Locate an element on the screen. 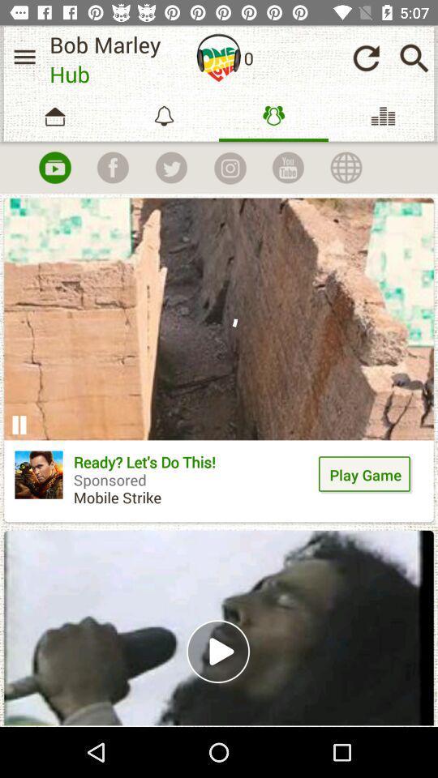 The width and height of the screenshot is (438, 778). the twitter icon is located at coordinates (170, 168).